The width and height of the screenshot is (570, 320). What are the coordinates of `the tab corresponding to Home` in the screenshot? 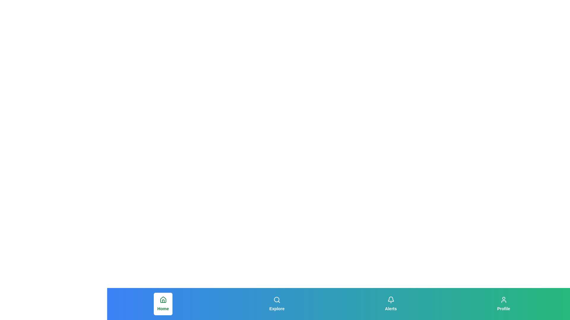 It's located at (163, 304).